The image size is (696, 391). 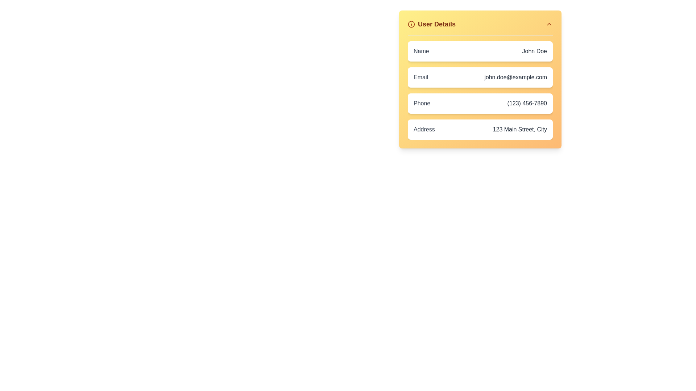 What do you see at coordinates (436, 24) in the screenshot?
I see `the 'User Details' text label, which is styled in a large, bold font with an orange hue, located at the top-left corner of an orange card-like component, to possibly trigger a tooltip or effect` at bounding box center [436, 24].